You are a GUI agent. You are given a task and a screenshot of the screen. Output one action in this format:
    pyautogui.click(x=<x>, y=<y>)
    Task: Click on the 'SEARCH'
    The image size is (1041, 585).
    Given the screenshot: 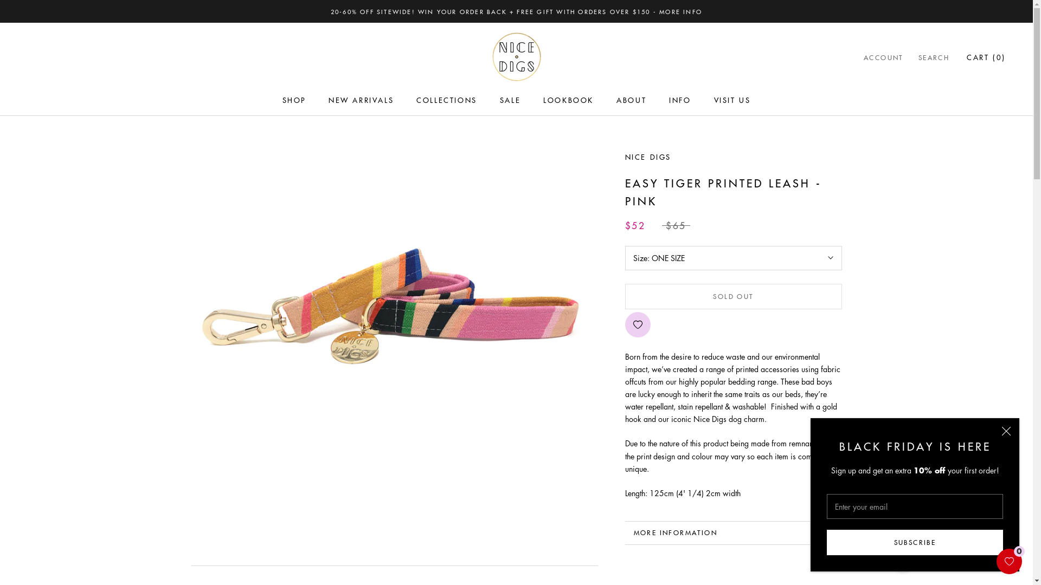 What is the action you would take?
    pyautogui.click(x=933, y=58)
    